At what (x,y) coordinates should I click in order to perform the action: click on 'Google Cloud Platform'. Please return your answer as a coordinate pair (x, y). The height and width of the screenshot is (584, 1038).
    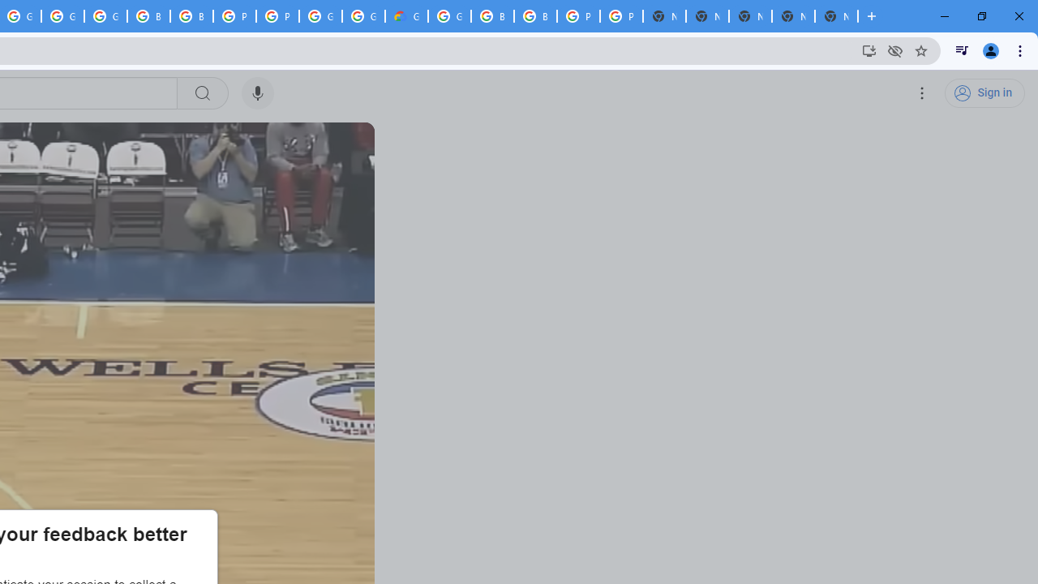
    Looking at the image, I should click on (320, 16).